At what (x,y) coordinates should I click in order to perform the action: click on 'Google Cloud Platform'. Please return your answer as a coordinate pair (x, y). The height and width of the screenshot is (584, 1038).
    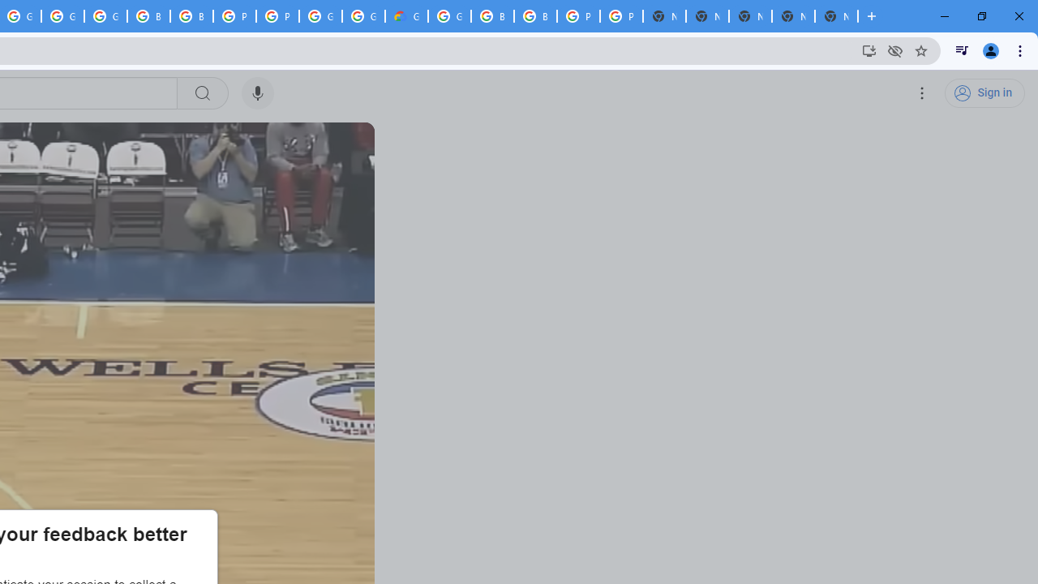
    Looking at the image, I should click on (320, 16).